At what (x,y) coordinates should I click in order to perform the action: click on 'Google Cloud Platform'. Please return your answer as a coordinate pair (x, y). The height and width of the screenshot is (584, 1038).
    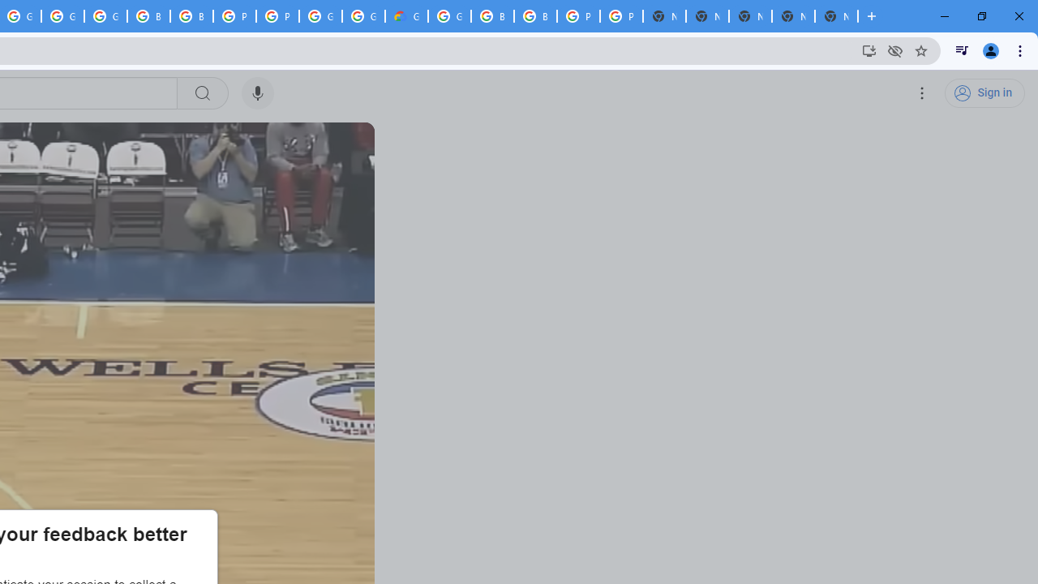
    Looking at the image, I should click on (320, 16).